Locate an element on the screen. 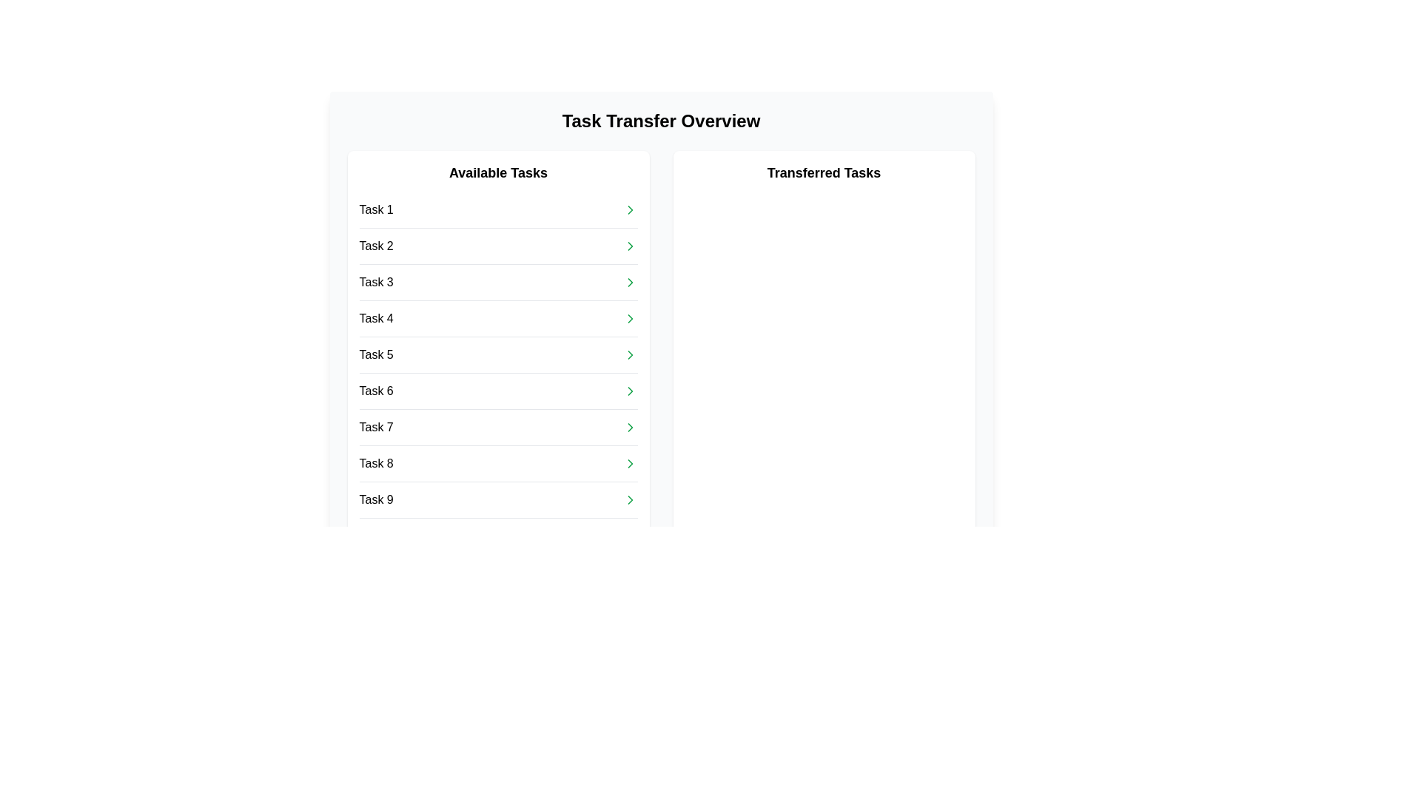 The height and width of the screenshot is (799, 1421). the right-pointing chevron icon located to the right of the 'Task 5' text in the 'Available Tasks' section is located at coordinates (630, 354).